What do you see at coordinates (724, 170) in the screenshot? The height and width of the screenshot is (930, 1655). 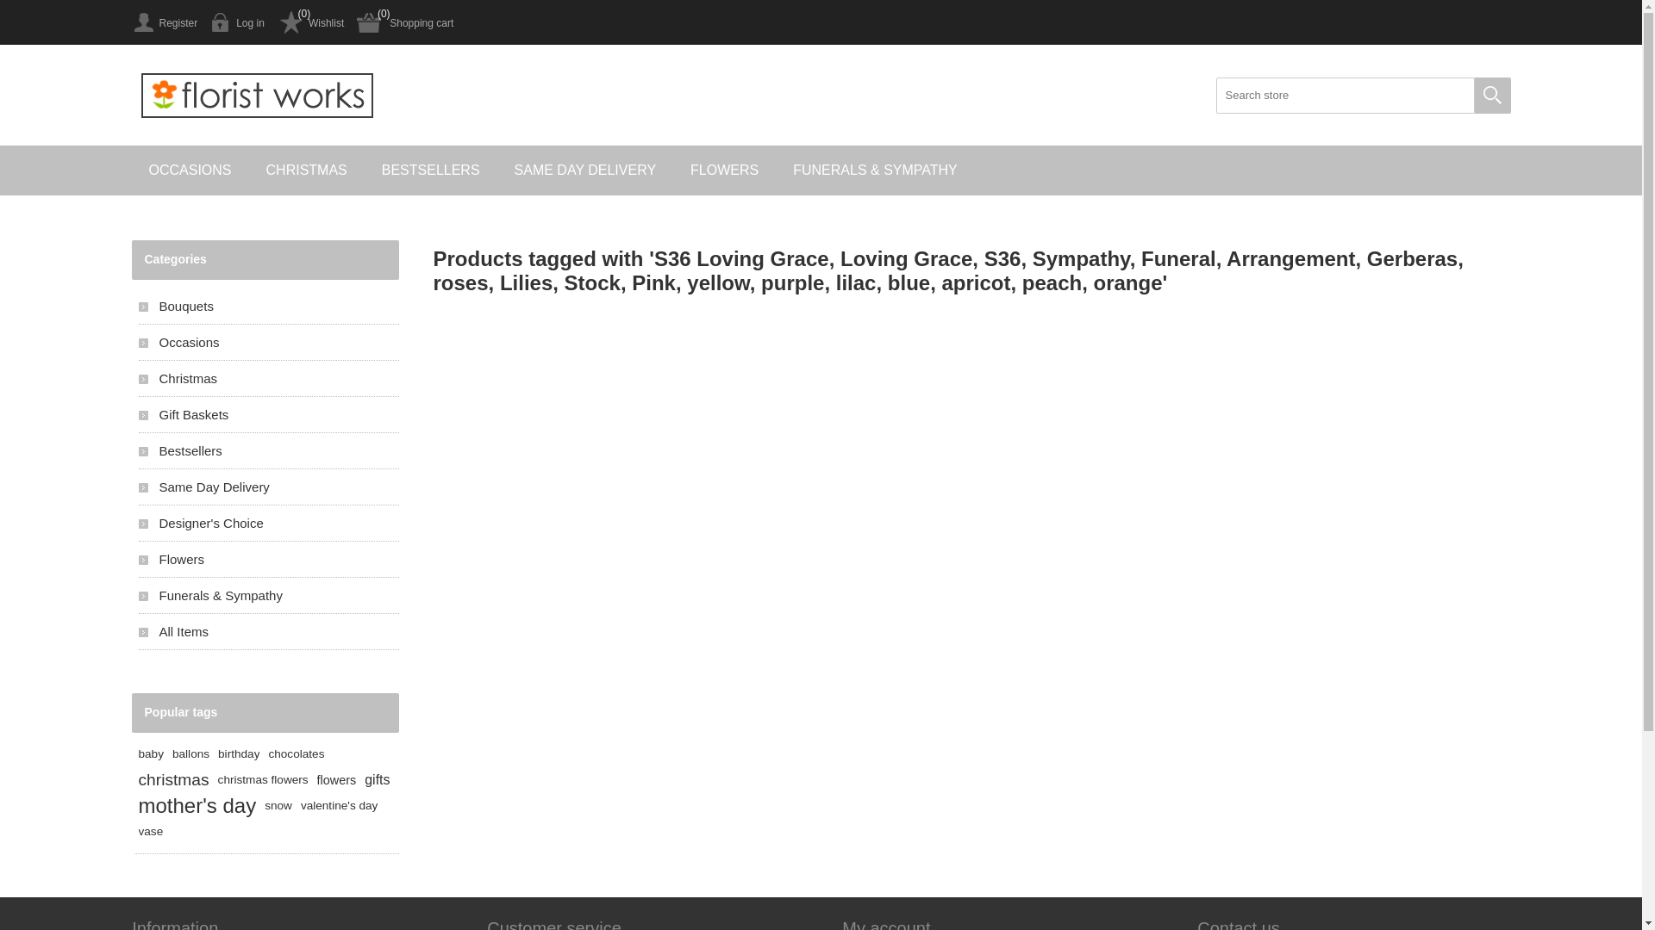 I see `'FLOWERS'` at bounding box center [724, 170].